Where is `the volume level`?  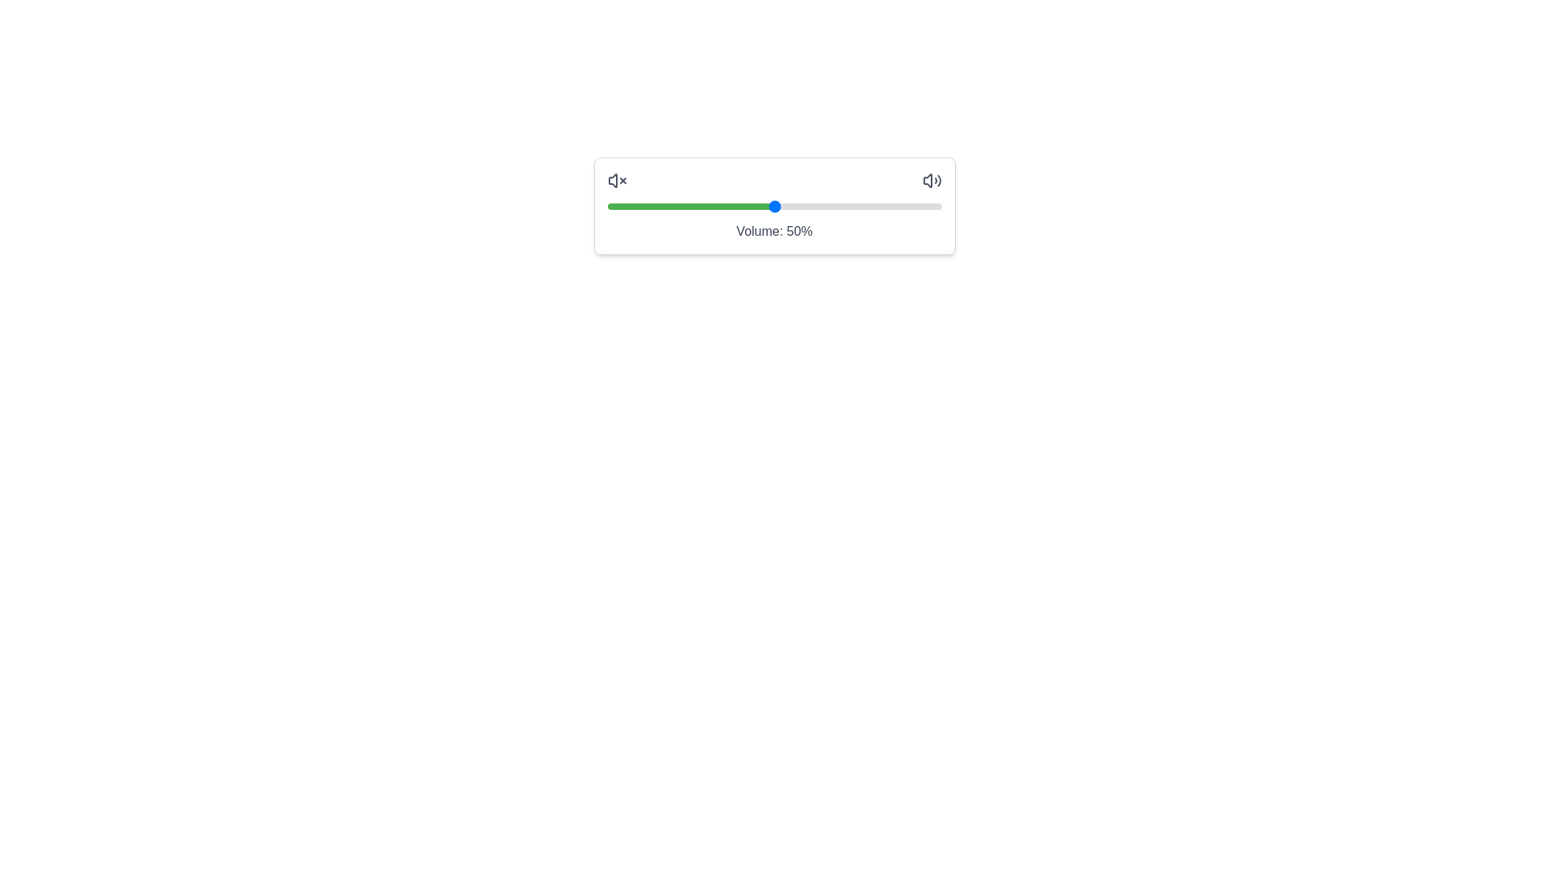
the volume level is located at coordinates (880, 205).